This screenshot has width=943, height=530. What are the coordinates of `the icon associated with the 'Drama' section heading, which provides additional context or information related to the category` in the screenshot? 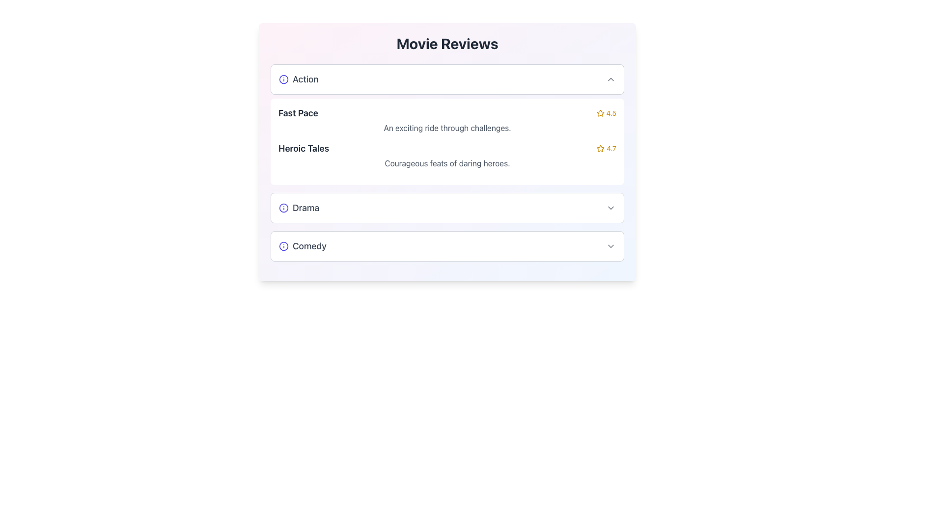 It's located at (283, 245).